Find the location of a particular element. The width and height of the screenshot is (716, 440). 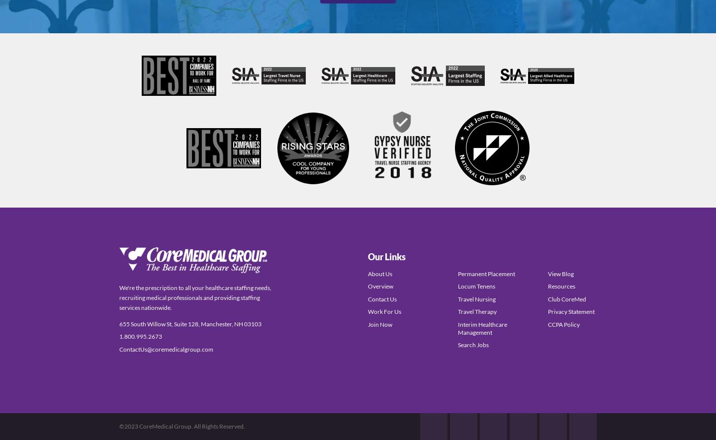

'Resources' is located at coordinates (561, 286).